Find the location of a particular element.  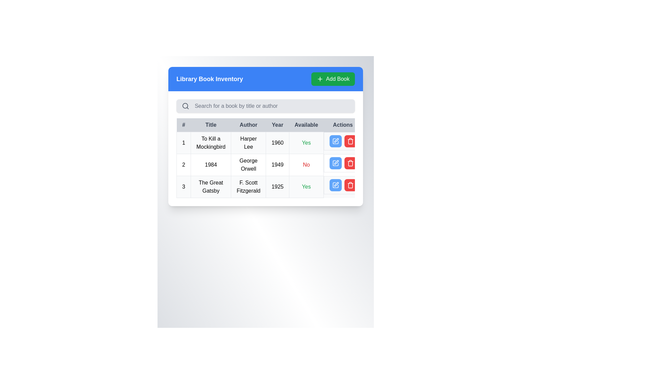

the small square-shaped icon button with a pen overlay, located in the actions column of the third row in the table is located at coordinates (335, 141).